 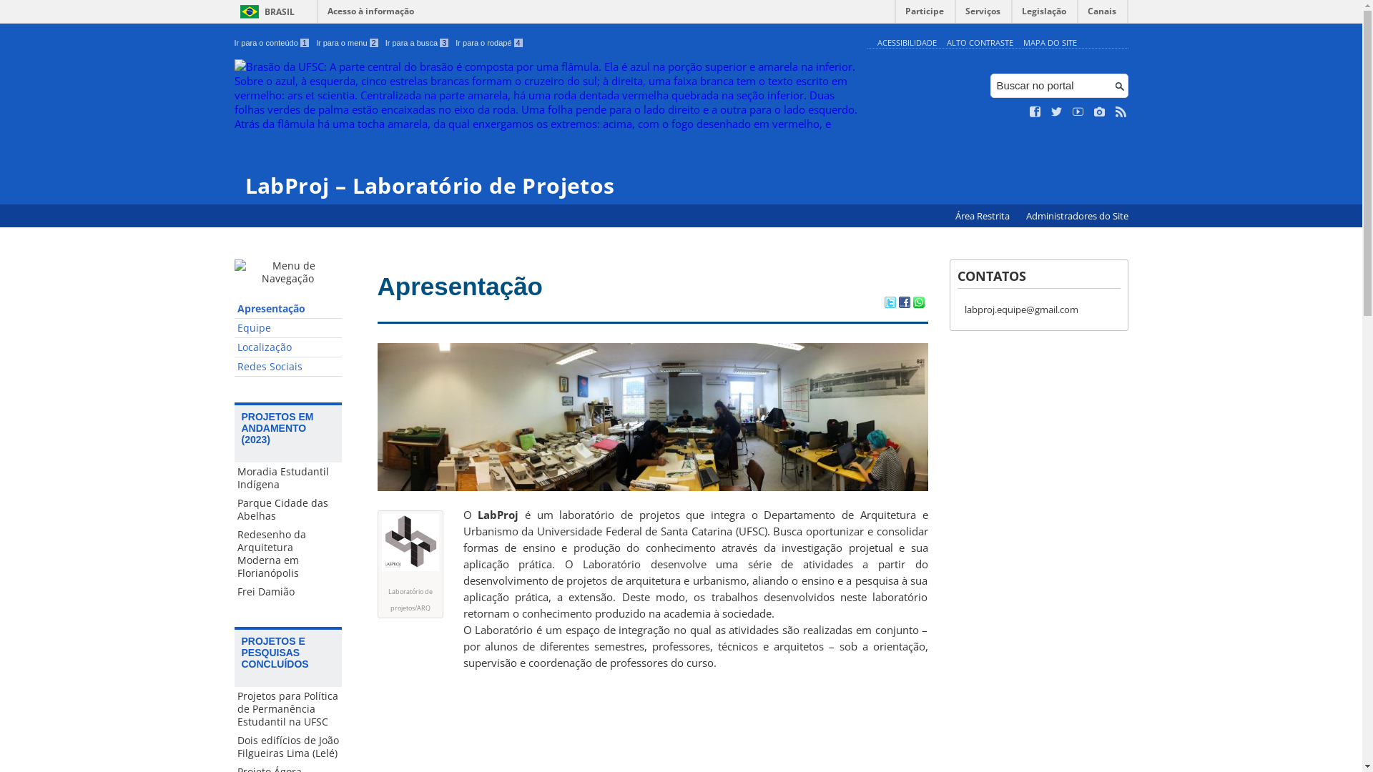 What do you see at coordinates (1101, 14) in the screenshot?
I see `'Canais'` at bounding box center [1101, 14].